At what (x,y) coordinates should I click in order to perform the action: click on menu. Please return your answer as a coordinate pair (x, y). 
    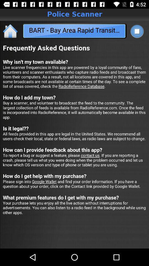
    Looking at the image, I should click on (137, 31).